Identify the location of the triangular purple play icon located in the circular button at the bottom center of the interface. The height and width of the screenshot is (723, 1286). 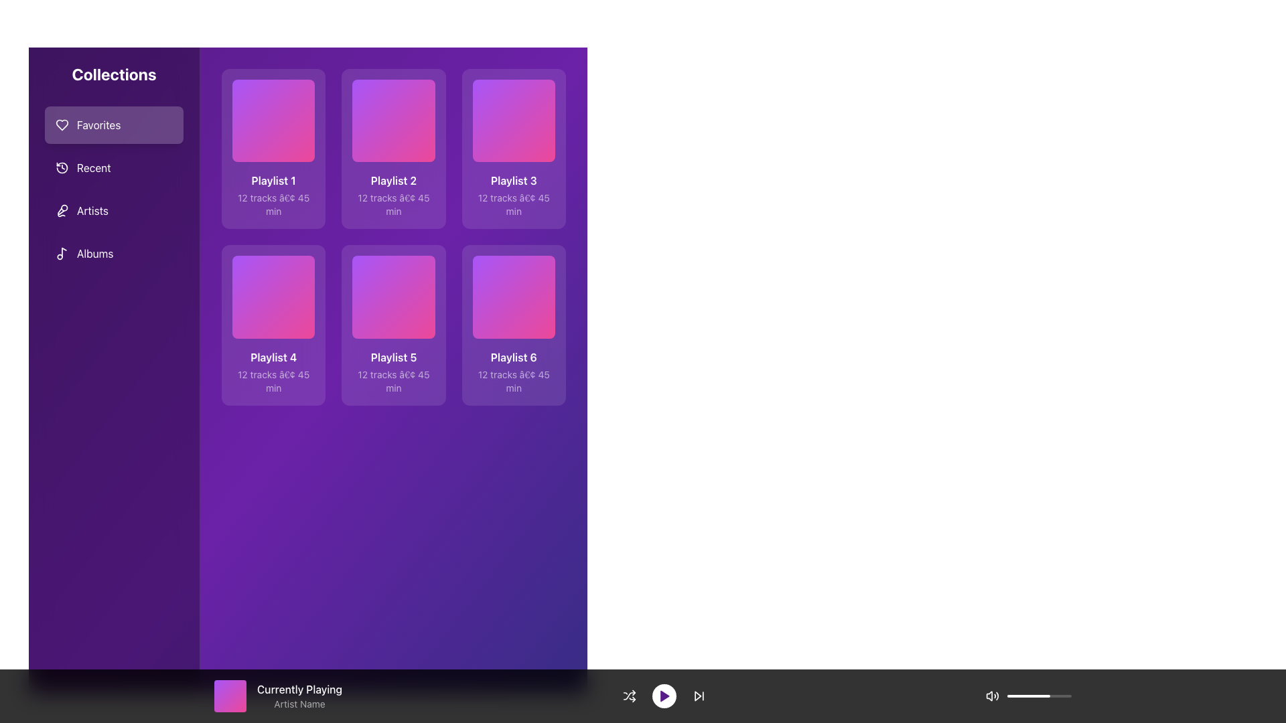
(664, 696).